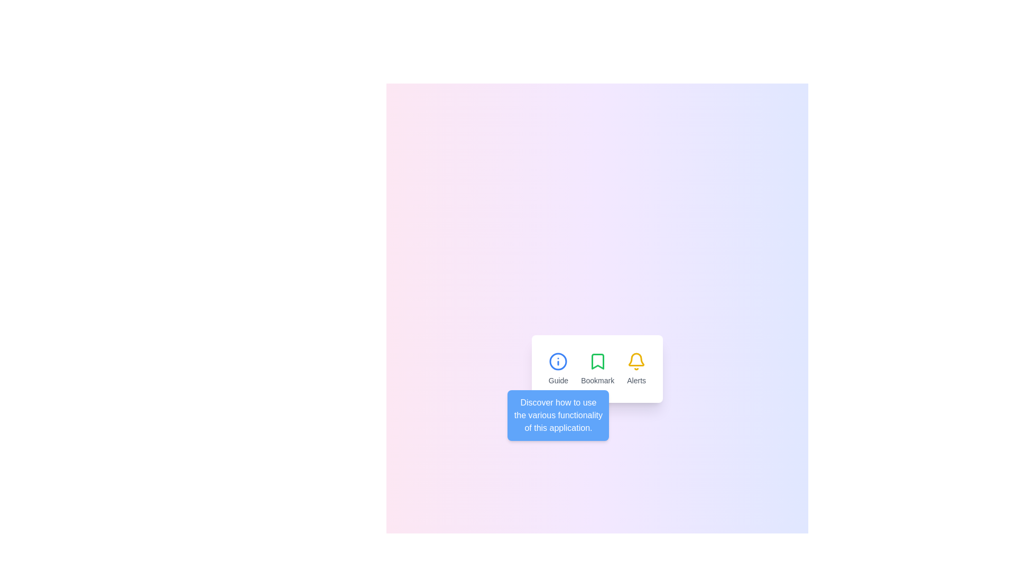  Describe the element at coordinates (636, 369) in the screenshot. I see `the alert notification Icon-Text Pair located at the far right of the horizontal row, which is the third item after the 'Guide' and 'Bookmark' elements` at that location.